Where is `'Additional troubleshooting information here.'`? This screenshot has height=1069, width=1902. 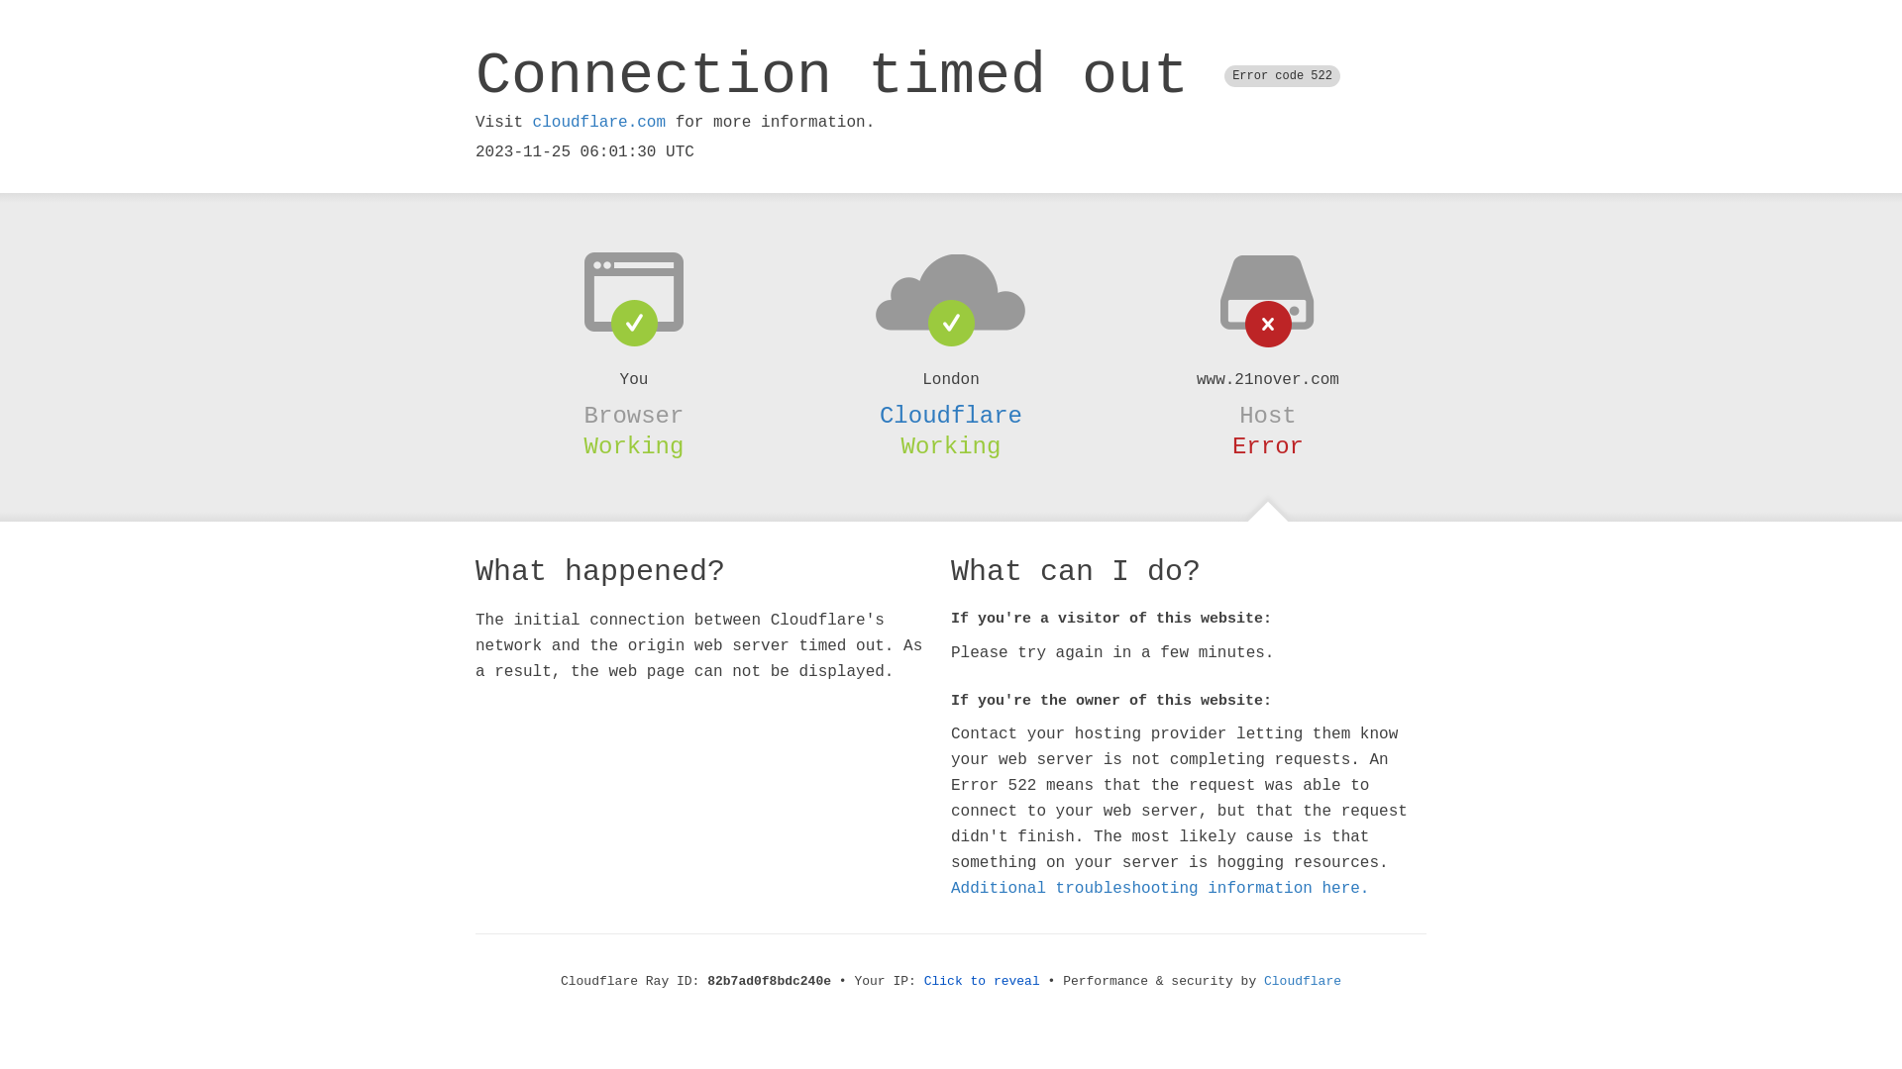 'Additional troubleshooting information here.' is located at coordinates (1160, 888).